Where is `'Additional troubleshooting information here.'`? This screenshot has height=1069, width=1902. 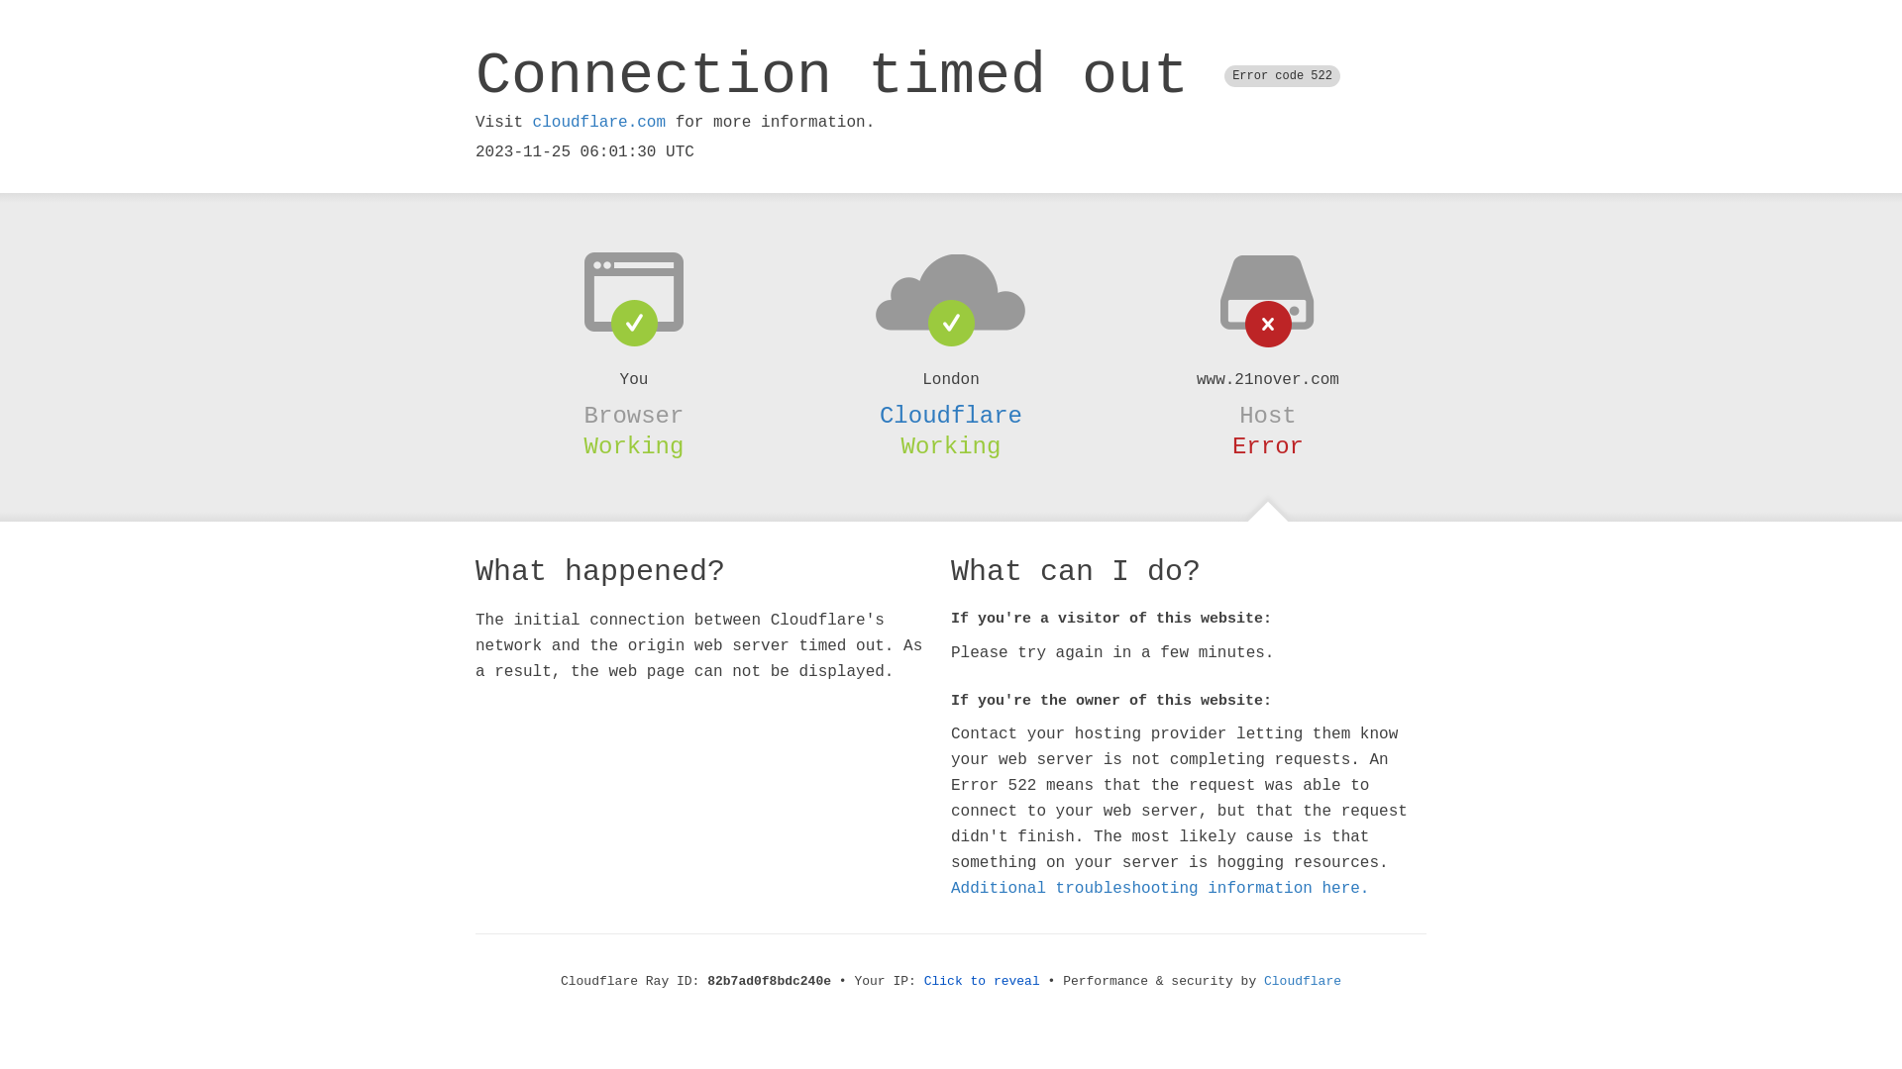 'Additional troubleshooting information here.' is located at coordinates (1160, 888).